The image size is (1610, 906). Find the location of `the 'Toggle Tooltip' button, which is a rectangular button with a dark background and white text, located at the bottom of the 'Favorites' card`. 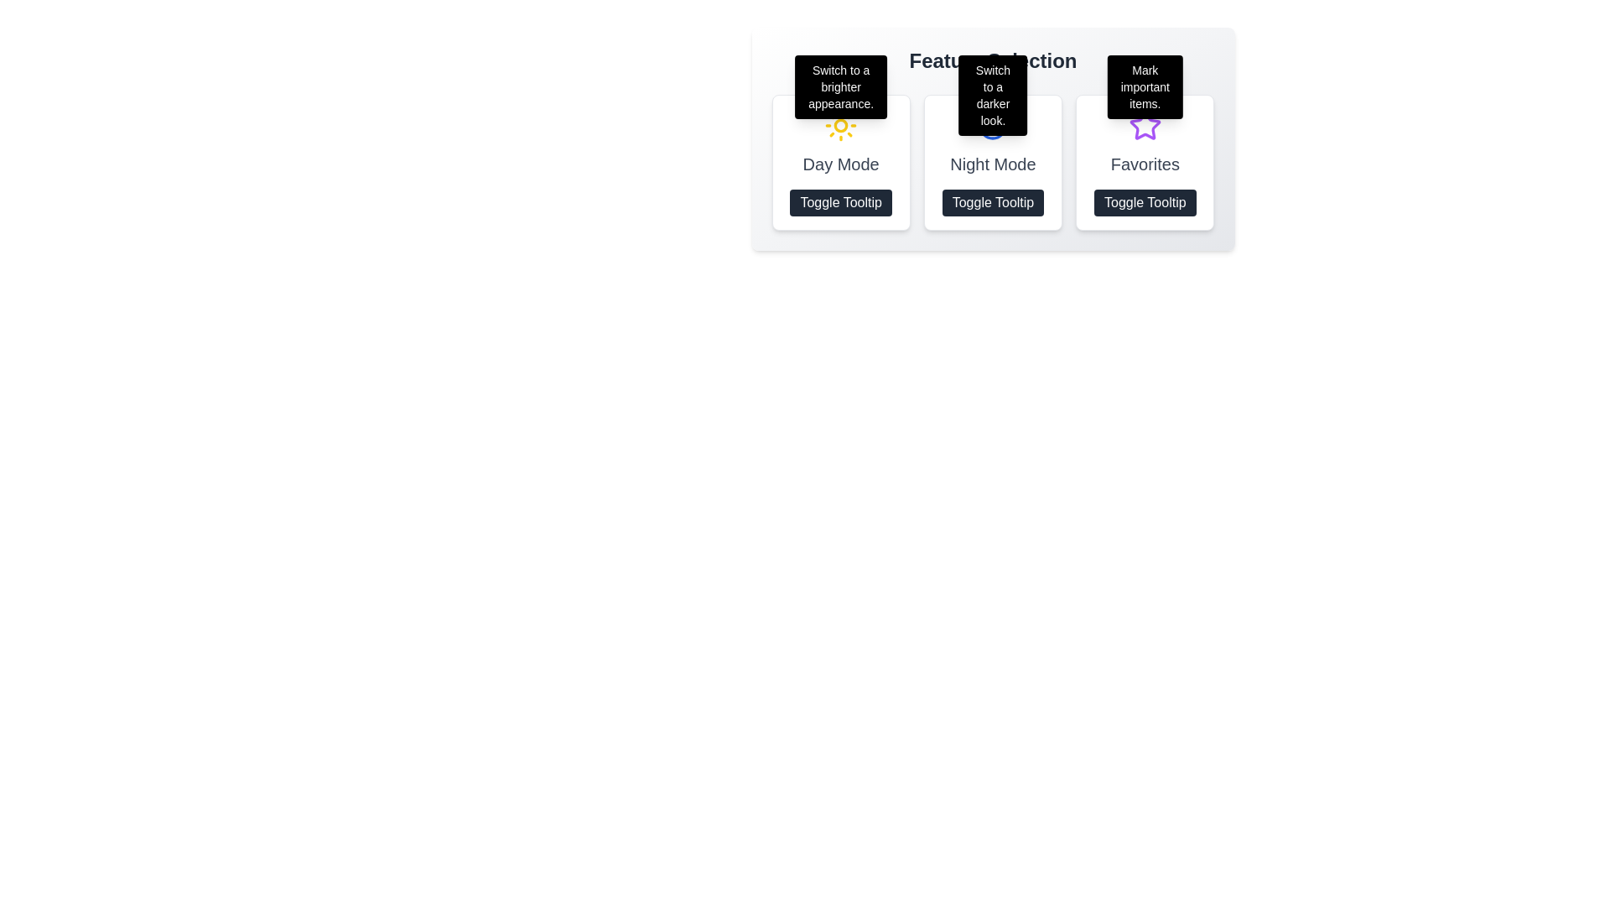

the 'Toggle Tooltip' button, which is a rectangular button with a dark background and white text, located at the bottom of the 'Favorites' card is located at coordinates (1144, 202).